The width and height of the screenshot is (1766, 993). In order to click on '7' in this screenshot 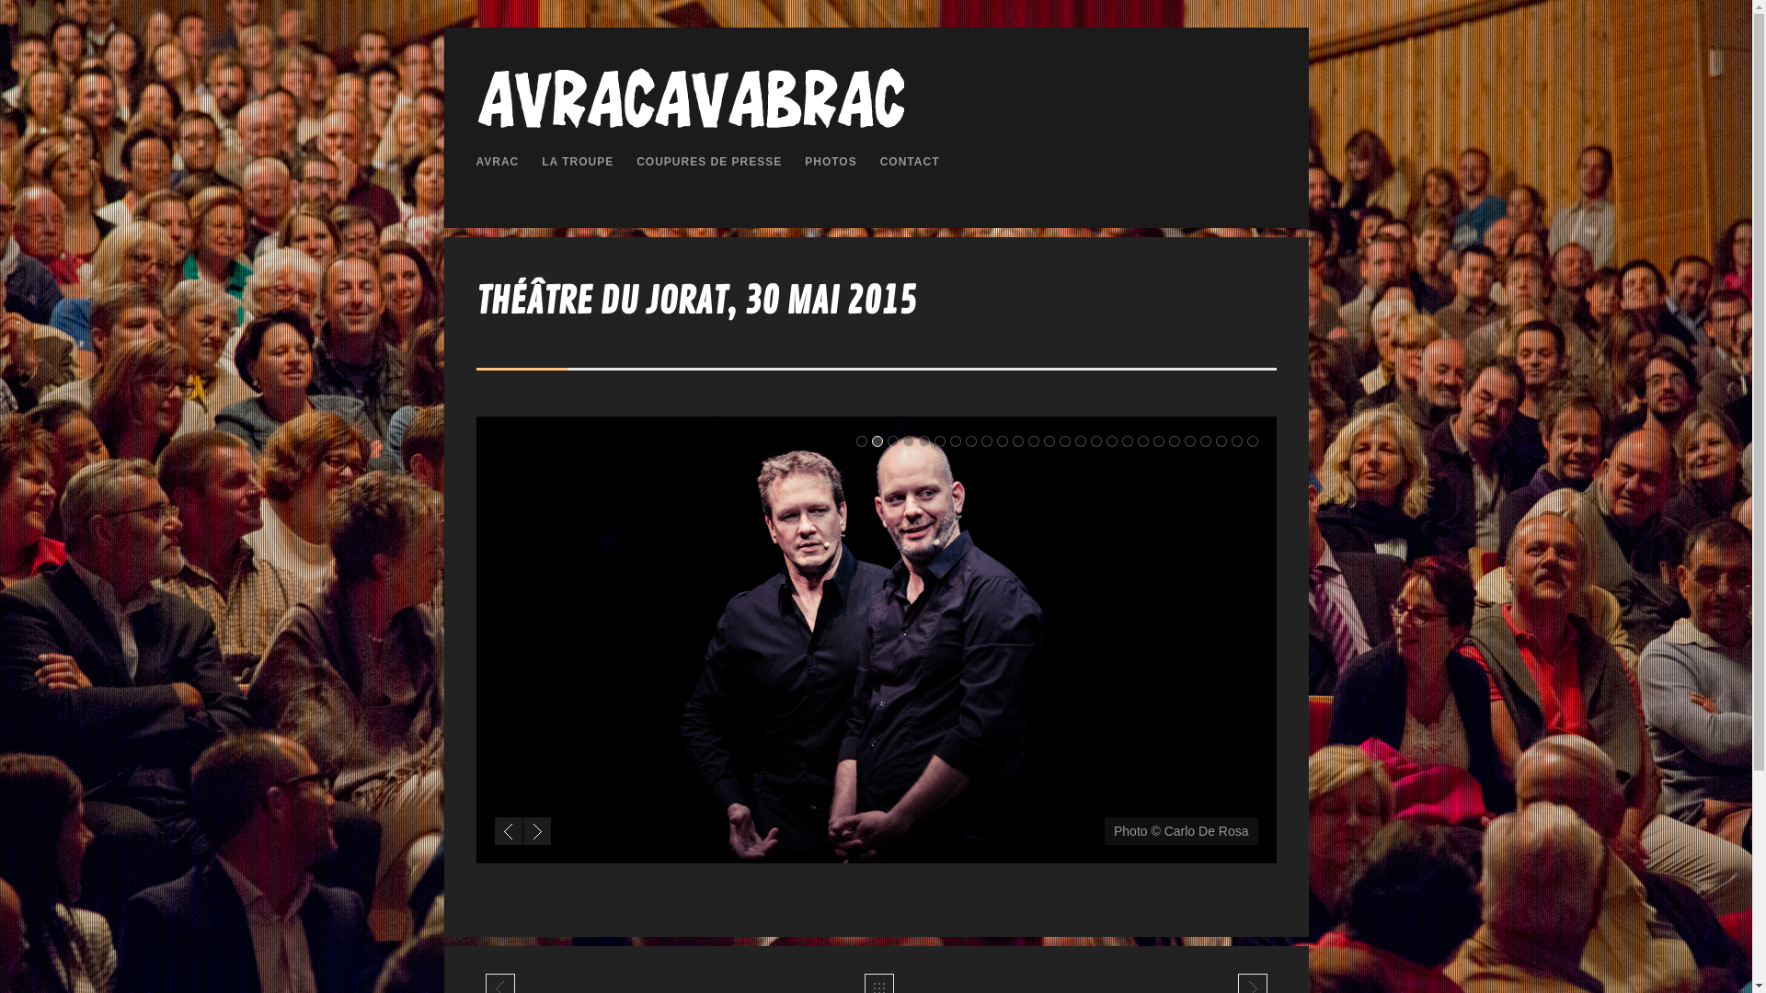, I will do `click(949, 440)`.